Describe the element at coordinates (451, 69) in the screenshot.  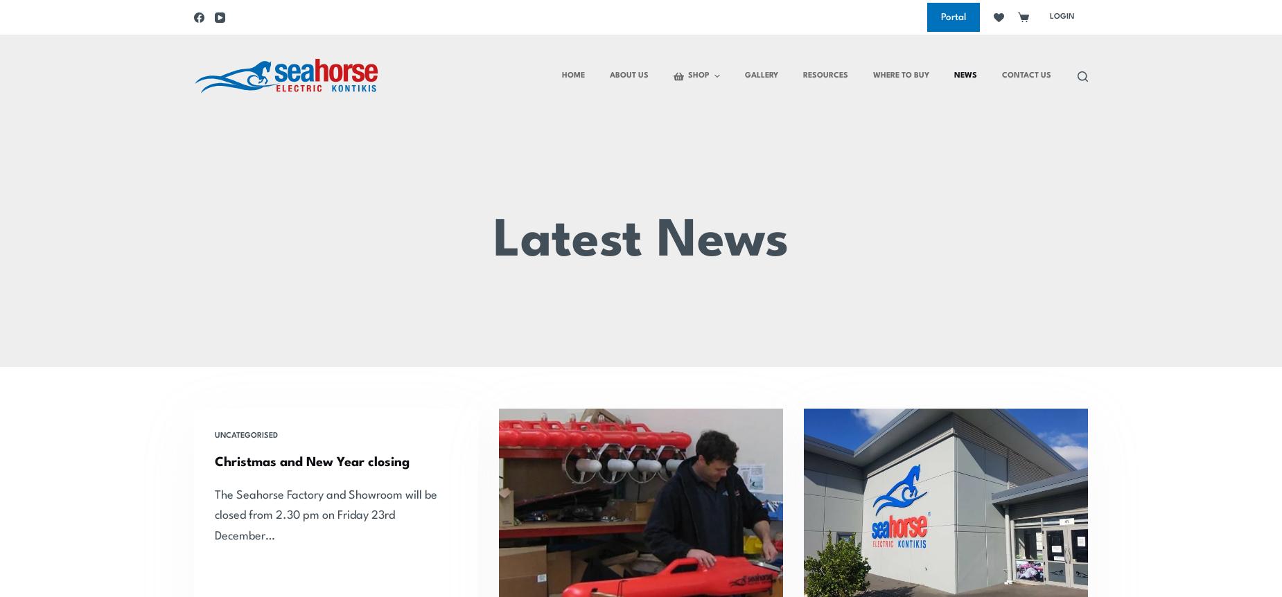
I see `'Winch'` at that location.